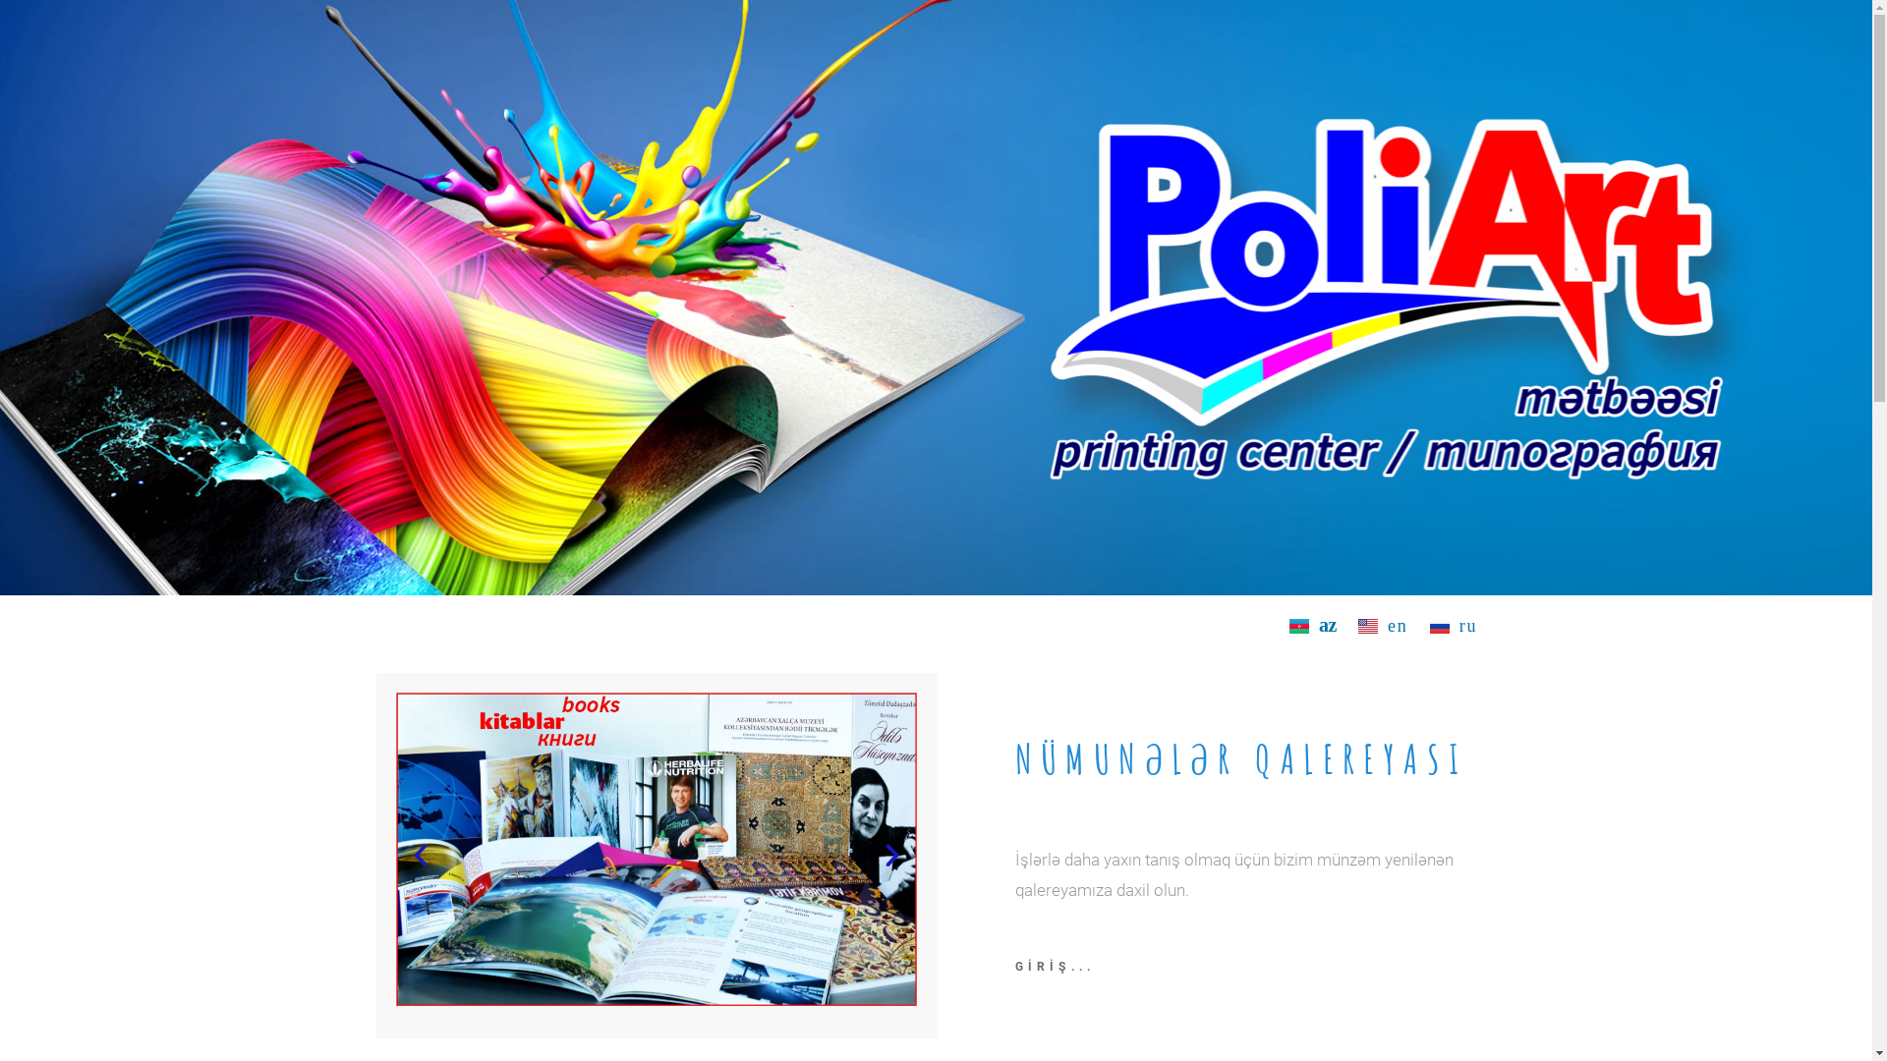 The height and width of the screenshot is (1061, 1887). Describe the element at coordinates (1454, 626) in the screenshot. I see `'ru'` at that location.